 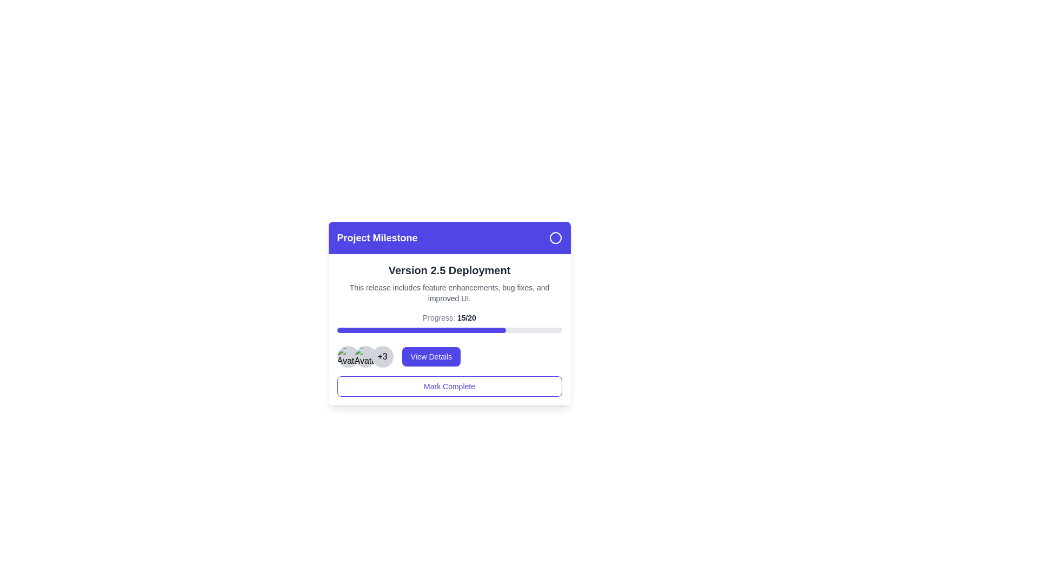 I want to click on the 'Project Milestone' text label located in the purple header bar, which indicates the section's context or purpose, so click(x=377, y=237).